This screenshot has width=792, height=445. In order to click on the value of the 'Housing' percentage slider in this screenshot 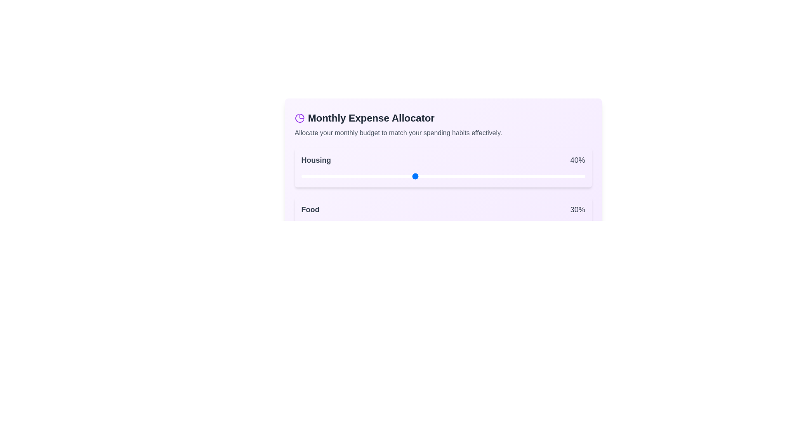, I will do `click(301, 176)`.